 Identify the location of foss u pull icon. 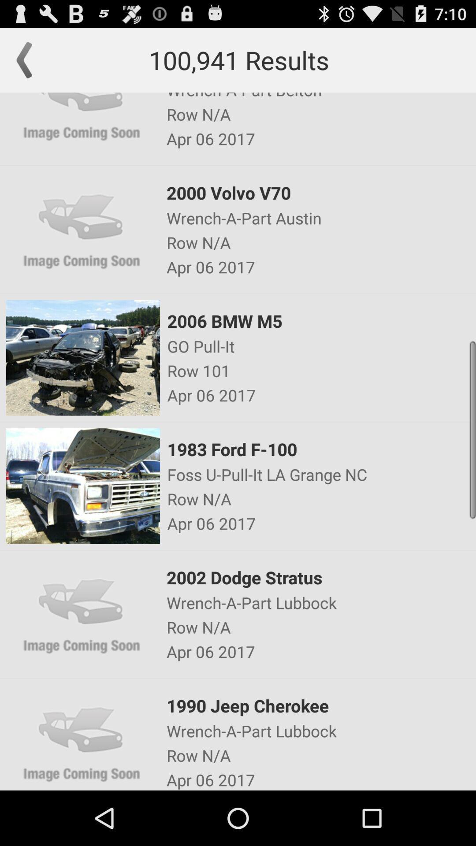
(321, 474).